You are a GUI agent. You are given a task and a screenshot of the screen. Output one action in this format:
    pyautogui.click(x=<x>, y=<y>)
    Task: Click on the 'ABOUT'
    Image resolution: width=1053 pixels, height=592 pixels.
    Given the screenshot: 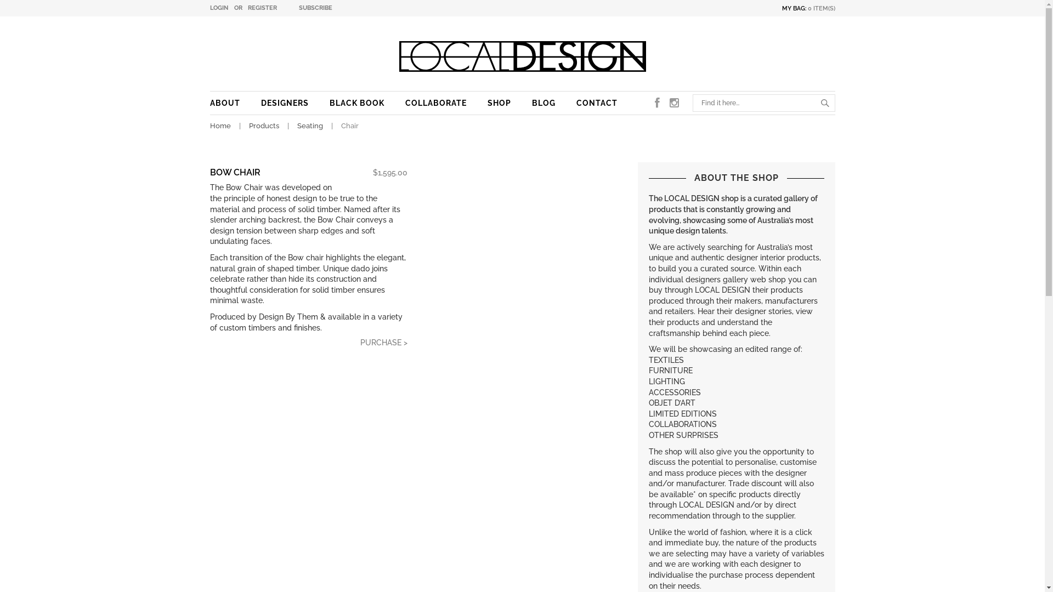 What is the action you would take?
    pyautogui.click(x=210, y=103)
    